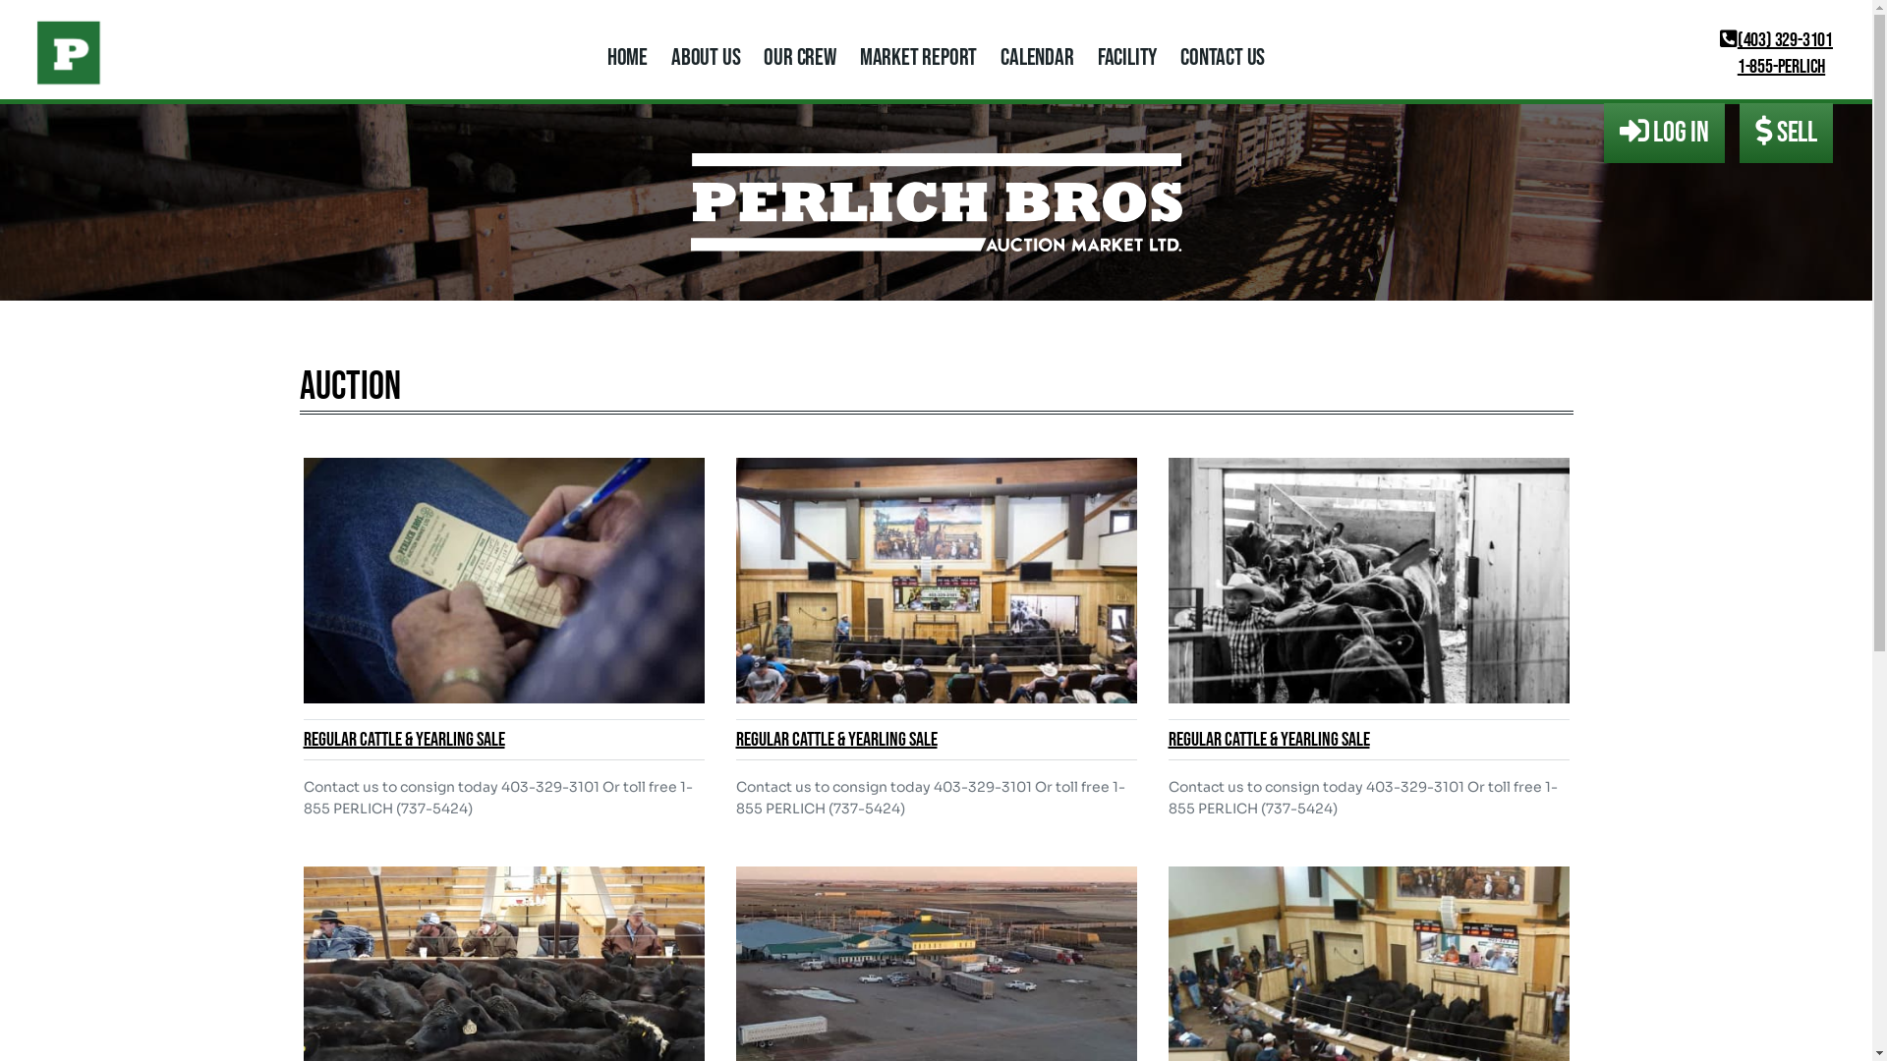 This screenshot has height=1061, width=1887. Describe the element at coordinates (1663, 133) in the screenshot. I see `'LOG IN'` at that location.